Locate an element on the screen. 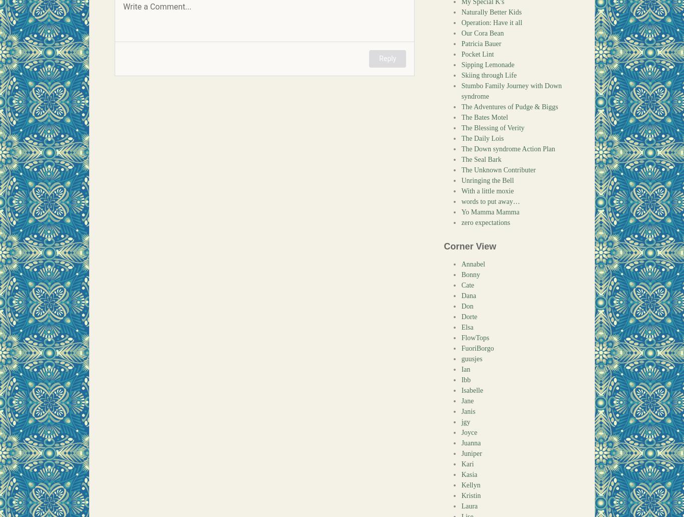 The height and width of the screenshot is (517, 684). 'Corner View' is located at coordinates (443, 245).